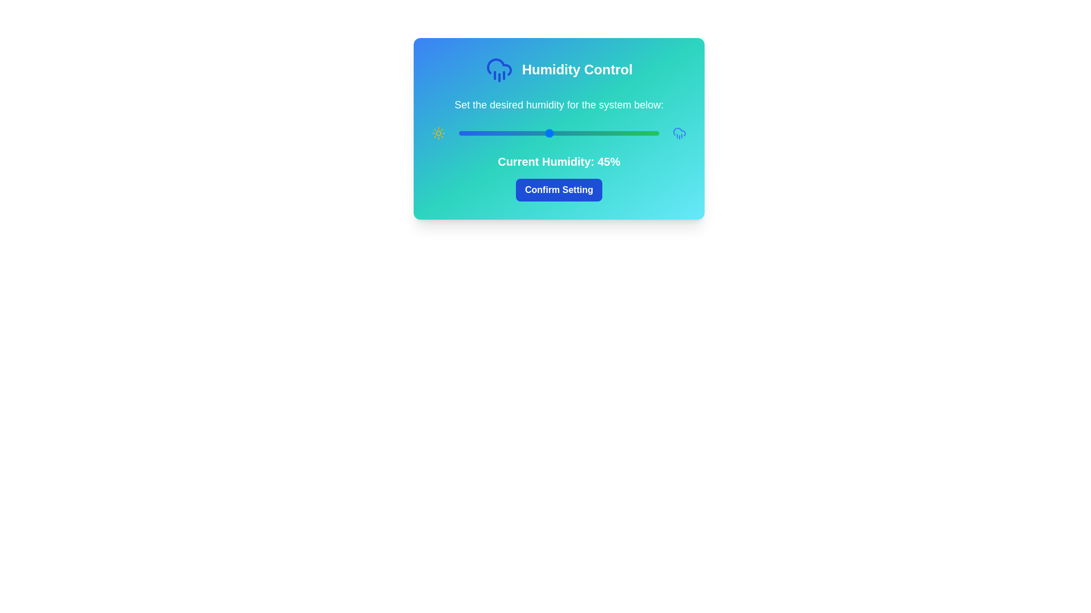  I want to click on the humidity slider to set the humidity level to 85%, so click(628, 133).